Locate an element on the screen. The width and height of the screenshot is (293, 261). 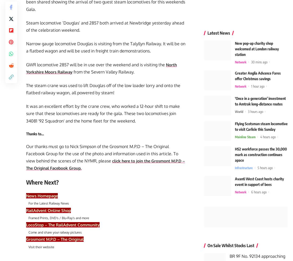
'Latest News' is located at coordinates (218, 31).